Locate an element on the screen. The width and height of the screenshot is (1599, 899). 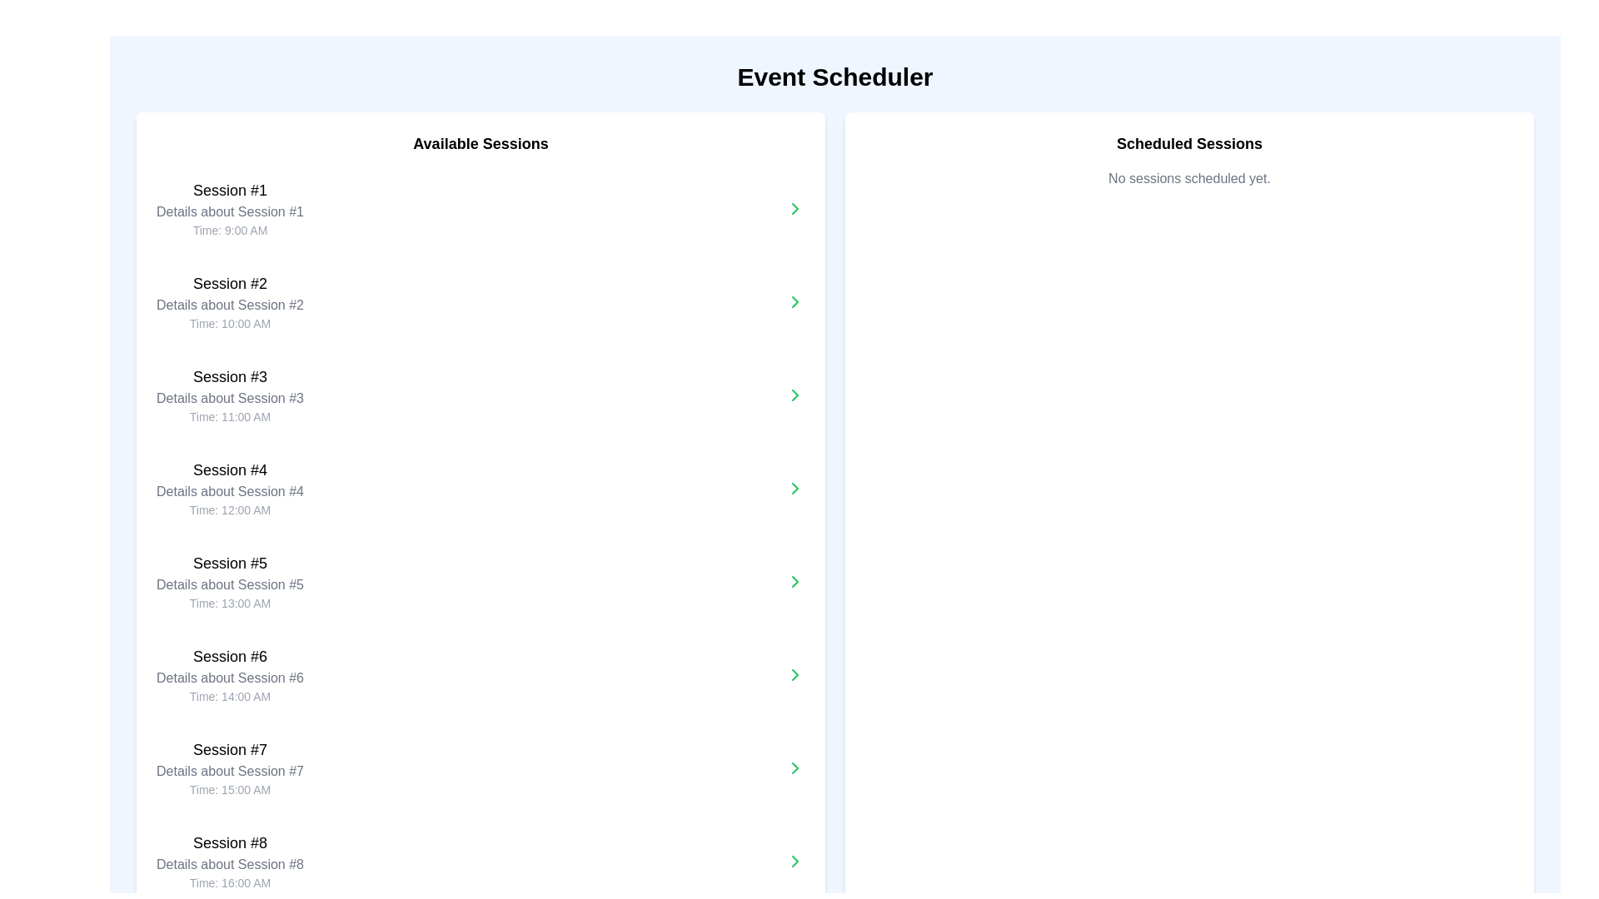
the session title 'Session #5' which is displayed in bold on the Card item located in the left column labeled 'Available Sessions.' is located at coordinates (480, 580).